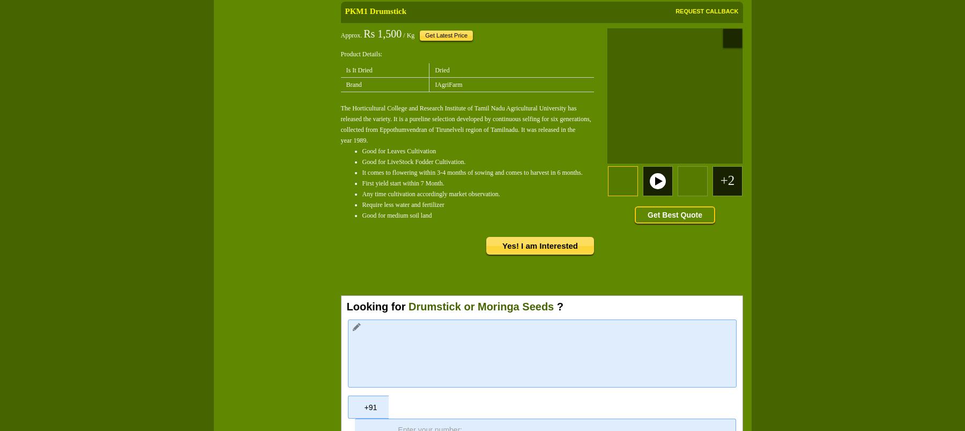 Image resolution: width=965 pixels, height=431 pixels. What do you see at coordinates (726, 180) in the screenshot?
I see `'+2'` at bounding box center [726, 180].